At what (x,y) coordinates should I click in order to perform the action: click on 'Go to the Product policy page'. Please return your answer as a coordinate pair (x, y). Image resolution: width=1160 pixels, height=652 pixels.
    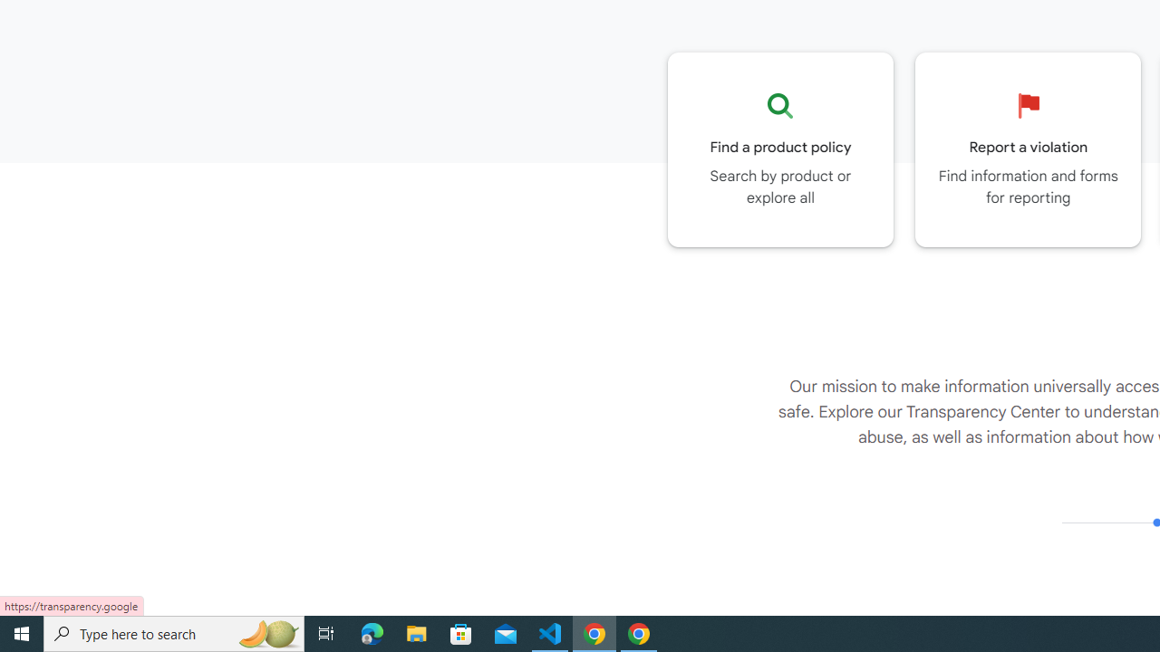
    Looking at the image, I should click on (780, 149).